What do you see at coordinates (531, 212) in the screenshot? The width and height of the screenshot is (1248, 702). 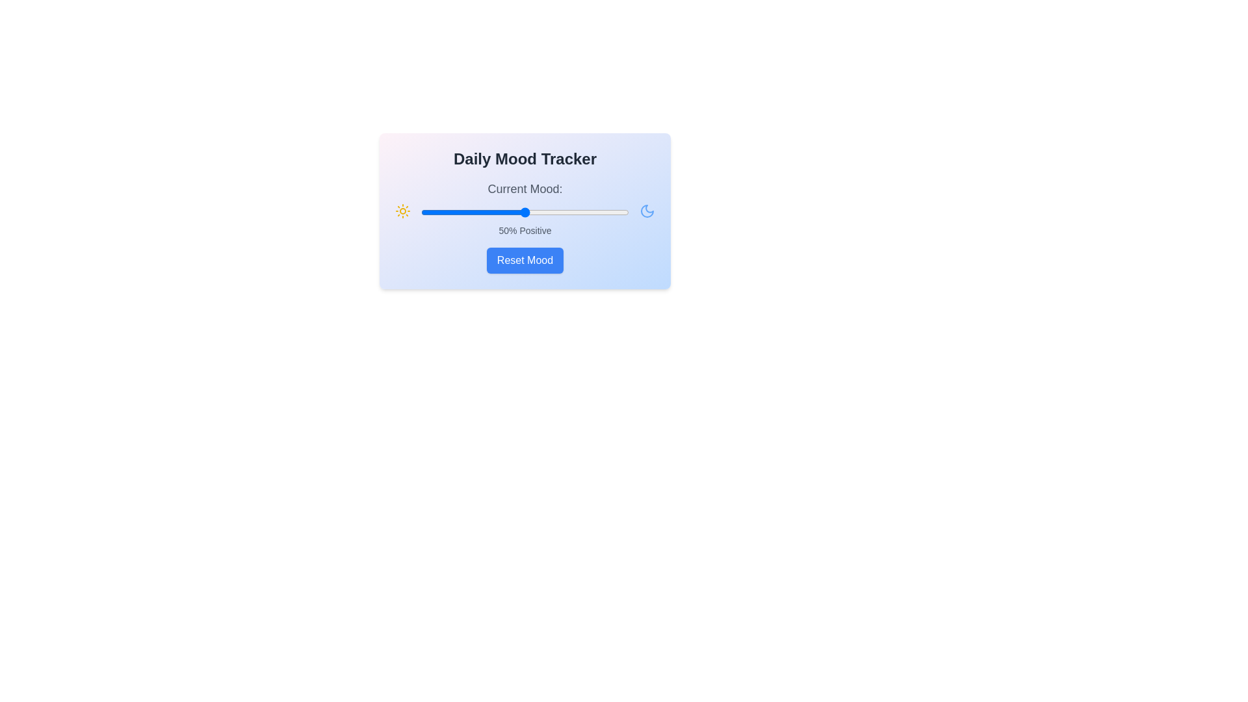 I see `mood rating` at bounding box center [531, 212].